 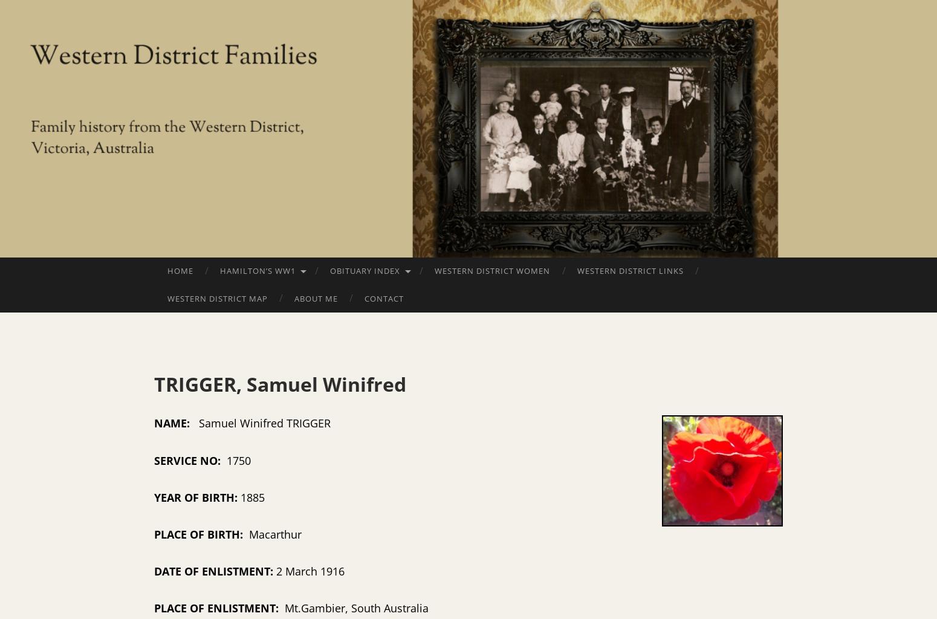 I want to click on 'Mt.Gambier, South Australia', so click(x=356, y=607).